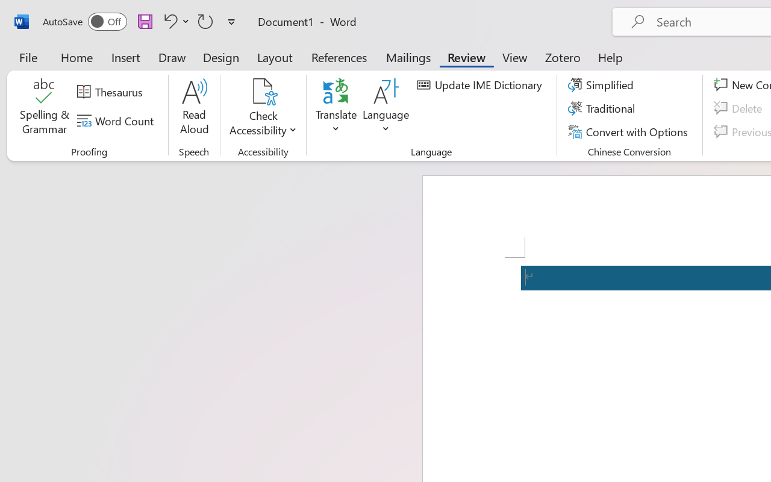  What do you see at coordinates (629, 131) in the screenshot?
I see `'Convert with Options...'` at bounding box center [629, 131].